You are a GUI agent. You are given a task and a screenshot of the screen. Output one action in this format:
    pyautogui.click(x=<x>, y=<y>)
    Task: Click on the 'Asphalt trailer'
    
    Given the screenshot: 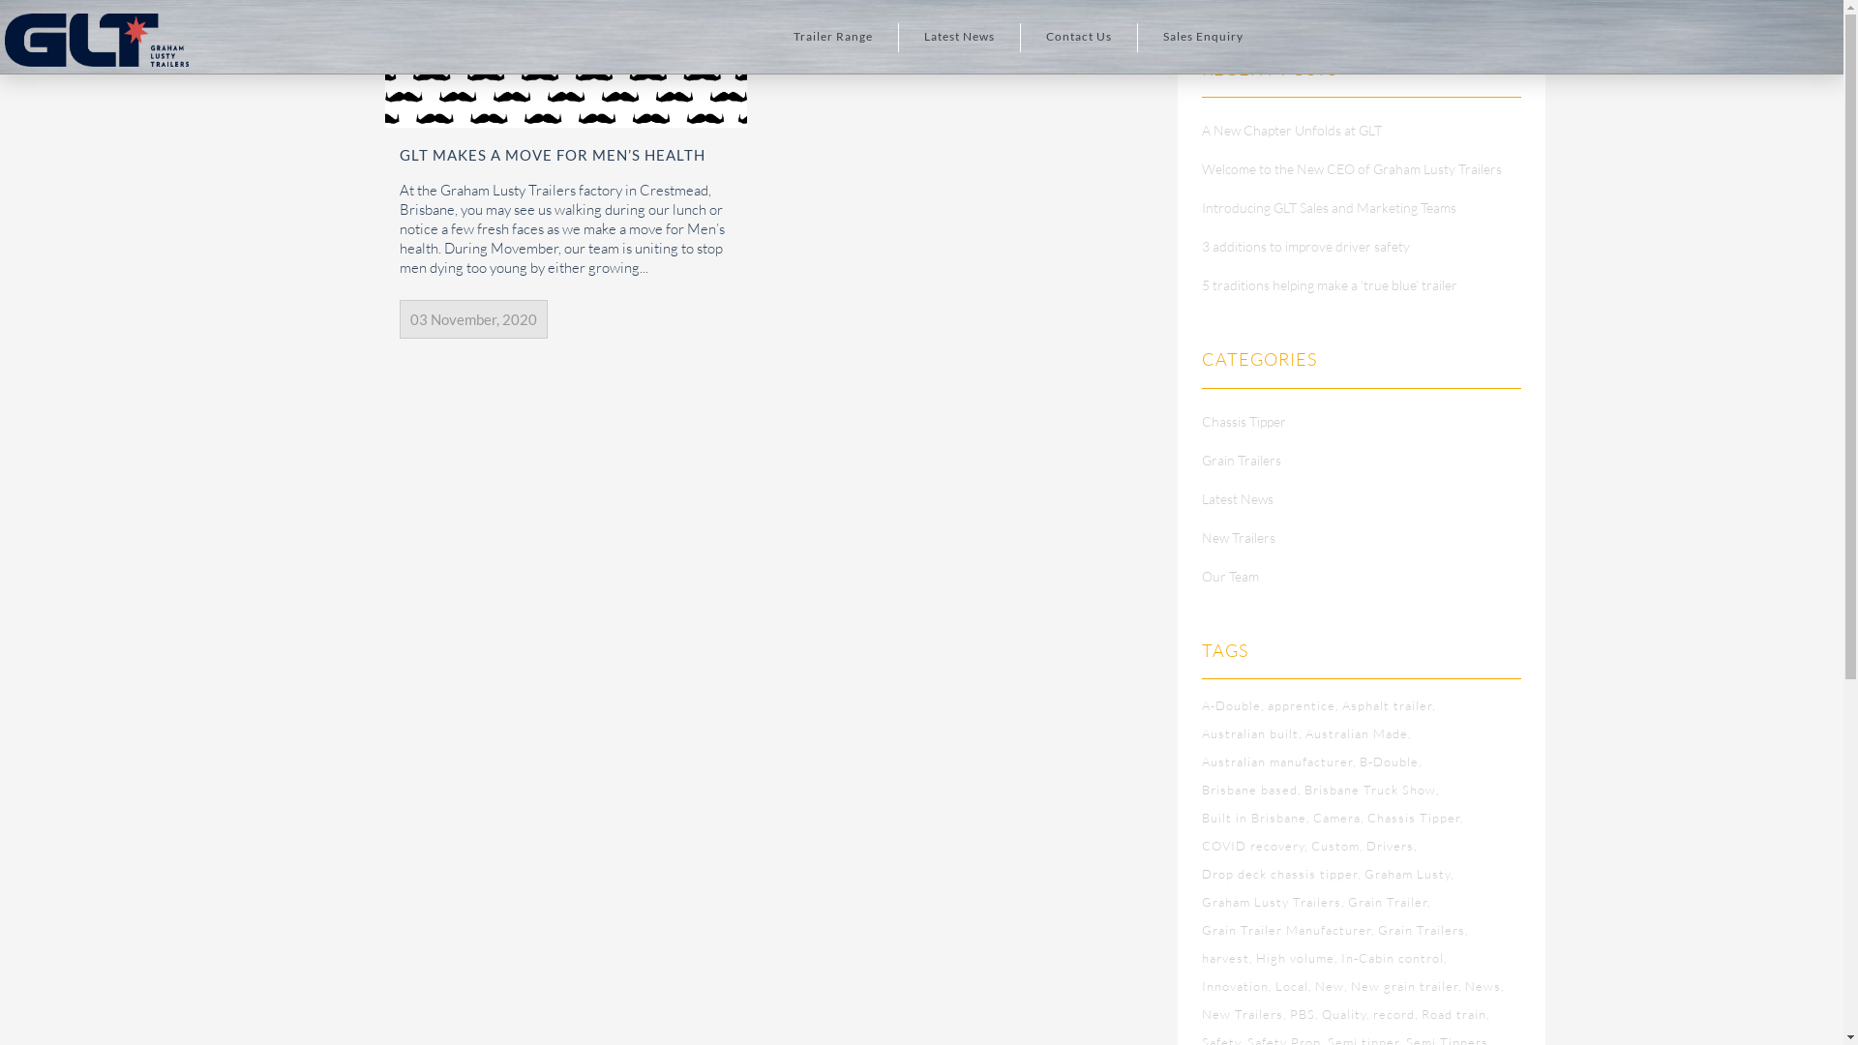 What is the action you would take?
    pyautogui.click(x=1388, y=705)
    